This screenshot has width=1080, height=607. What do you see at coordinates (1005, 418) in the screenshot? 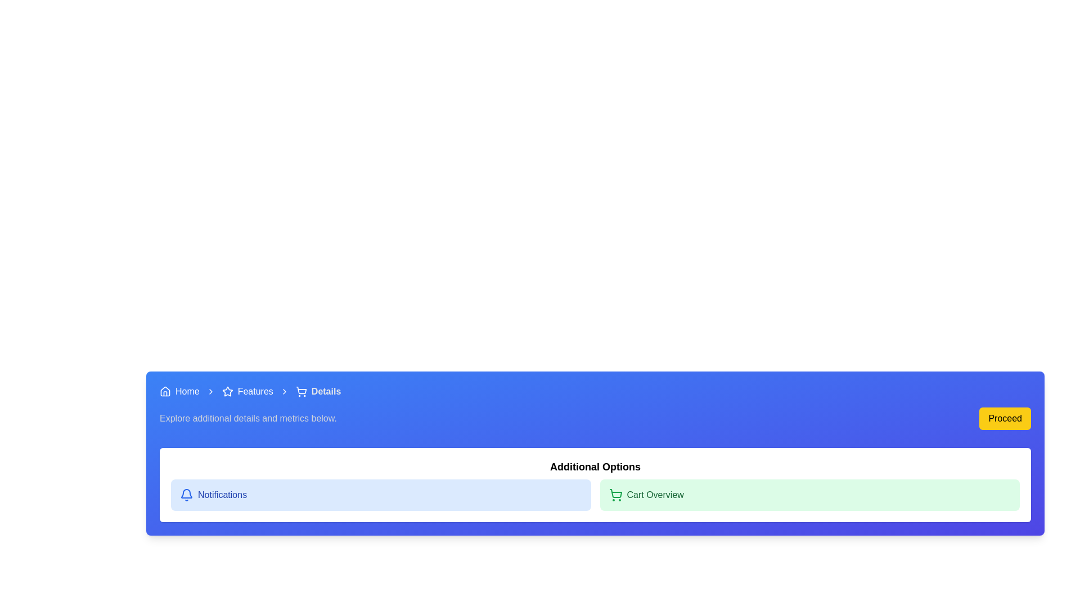
I see `the call-to-action button located at the top-right corner within a blue section of the interface, aligned to the right of the text 'Explore additional details and metrics below'` at bounding box center [1005, 418].